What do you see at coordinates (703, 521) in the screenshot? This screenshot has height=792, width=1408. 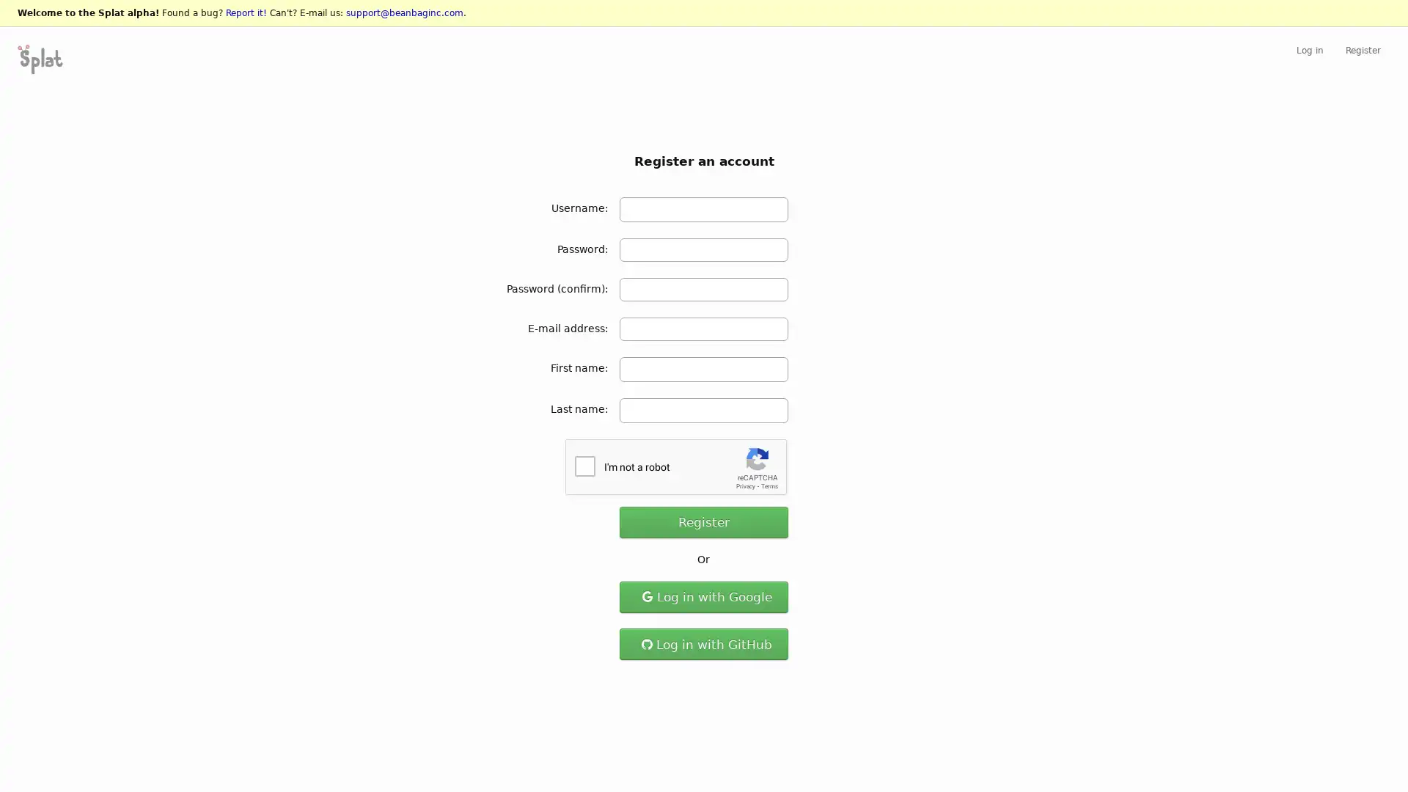 I see `Register` at bounding box center [703, 521].